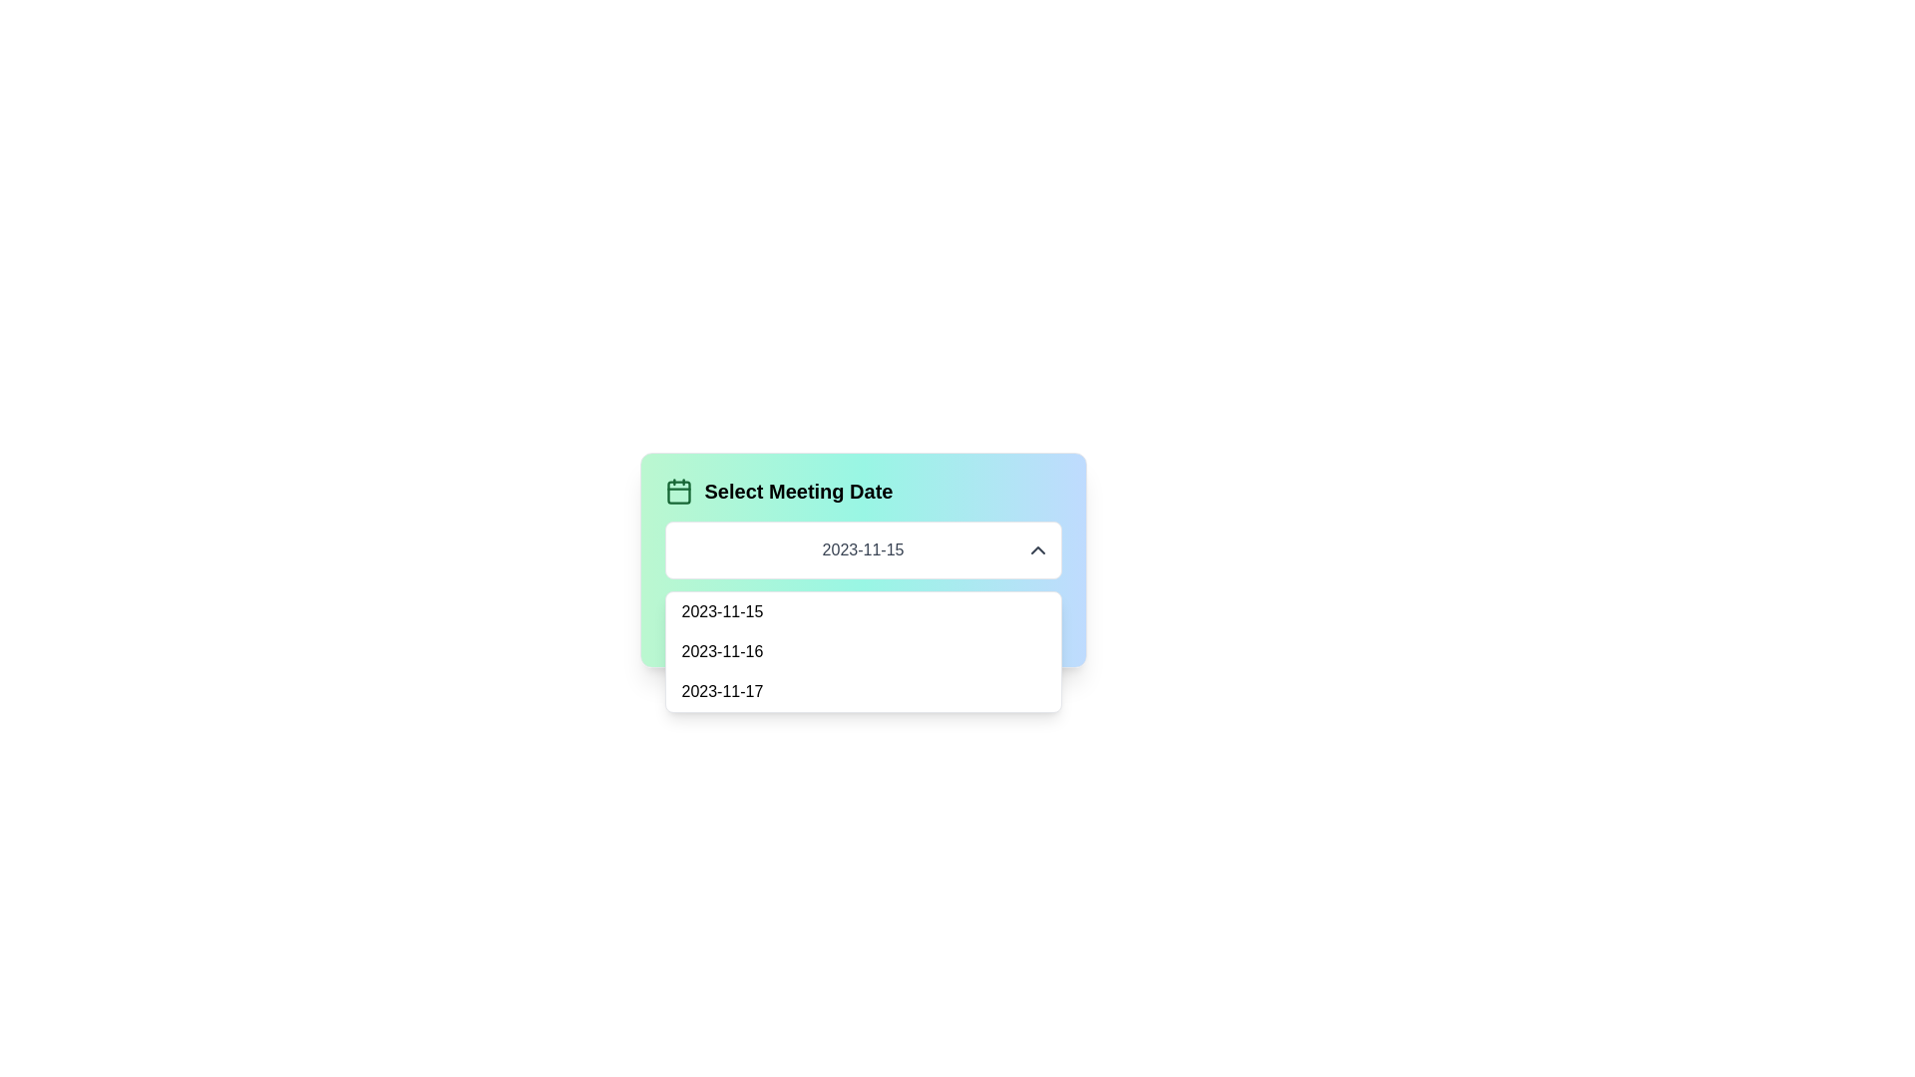 This screenshot has width=1915, height=1077. What do you see at coordinates (863, 610) in the screenshot?
I see `the first option in the dropdown list displaying the date '2023-11-15'` at bounding box center [863, 610].